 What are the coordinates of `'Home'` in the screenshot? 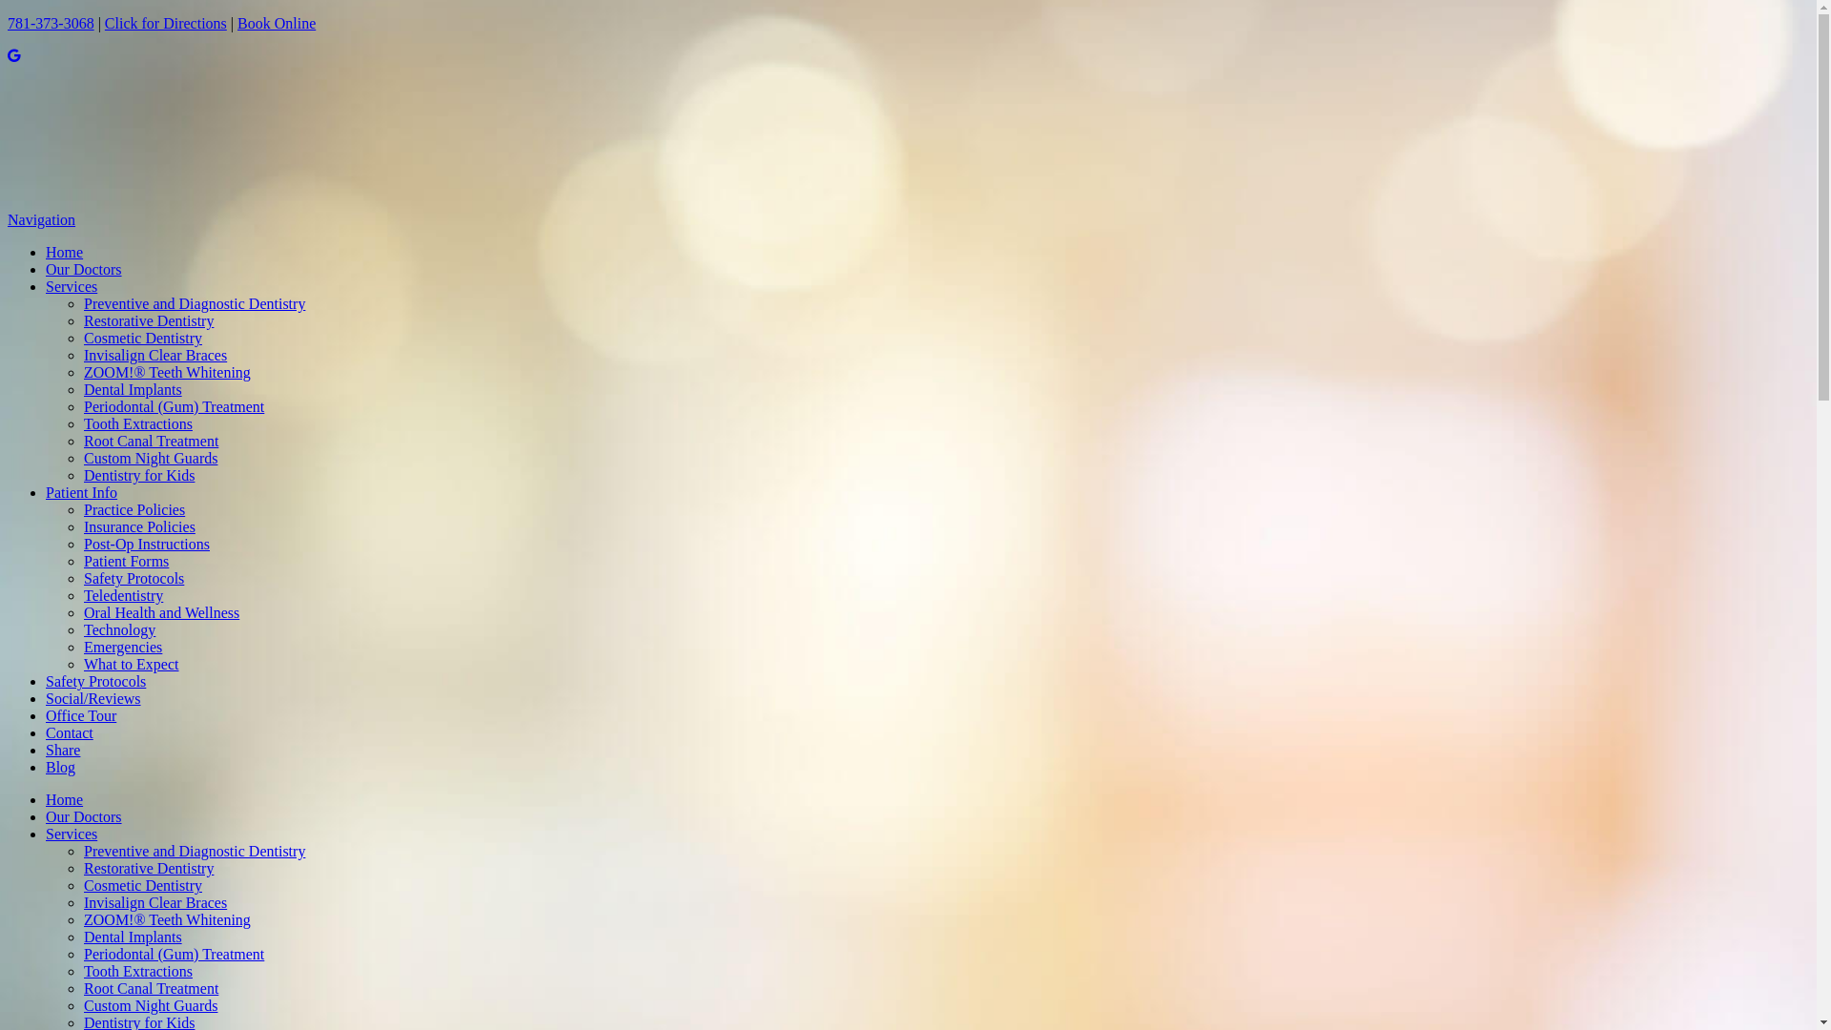 It's located at (64, 799).